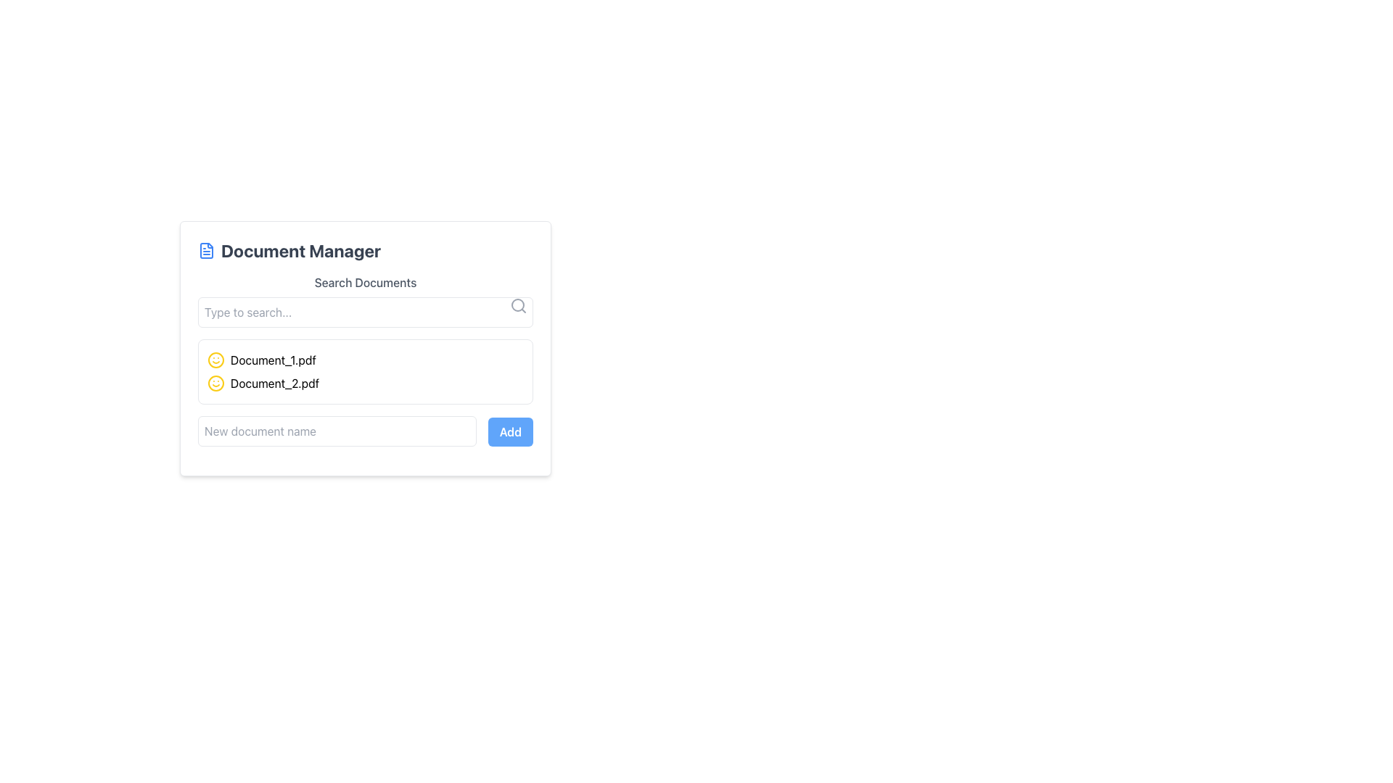  I want to click on label that serves as a description for the search input field located above the 'Type to search...' input box, so click(366, 282).